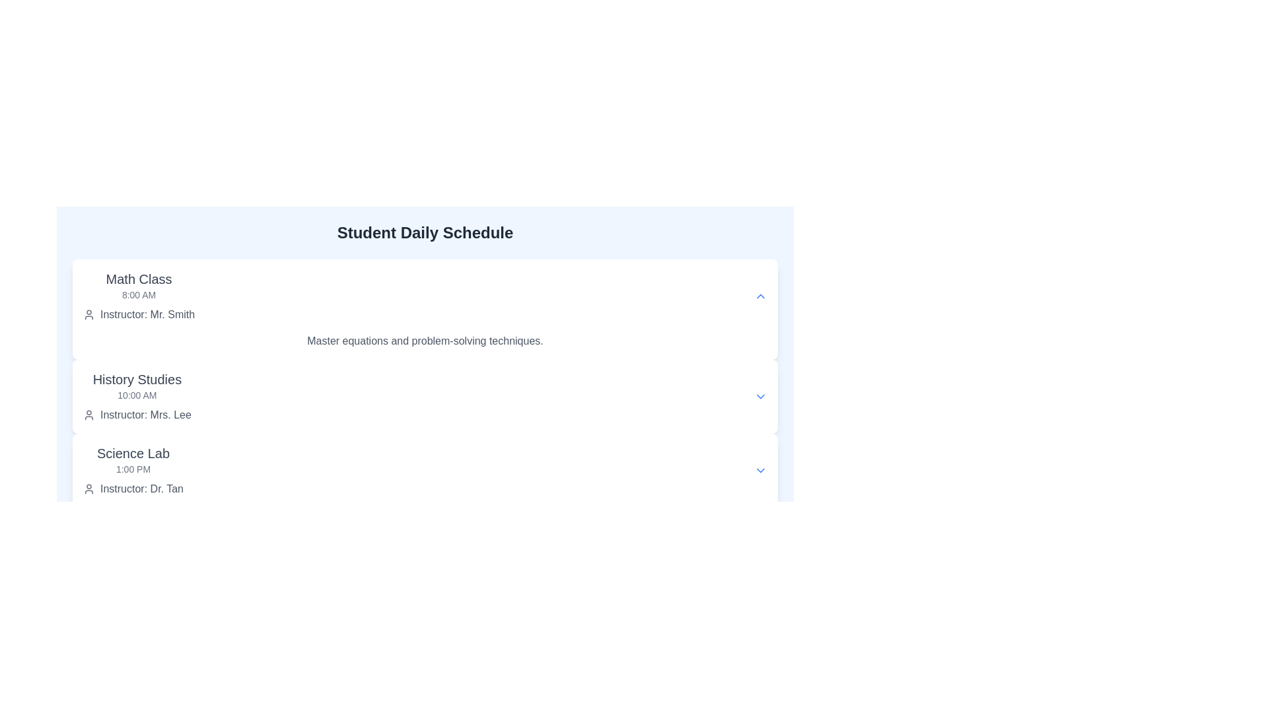  What do you see at coordinates (133, 468) in the screenshot?
I see `the text element that indicates the start time of the 'Science Lab' activity, which is located below the section title and above the instructor information` at bounding box center [133, 468].